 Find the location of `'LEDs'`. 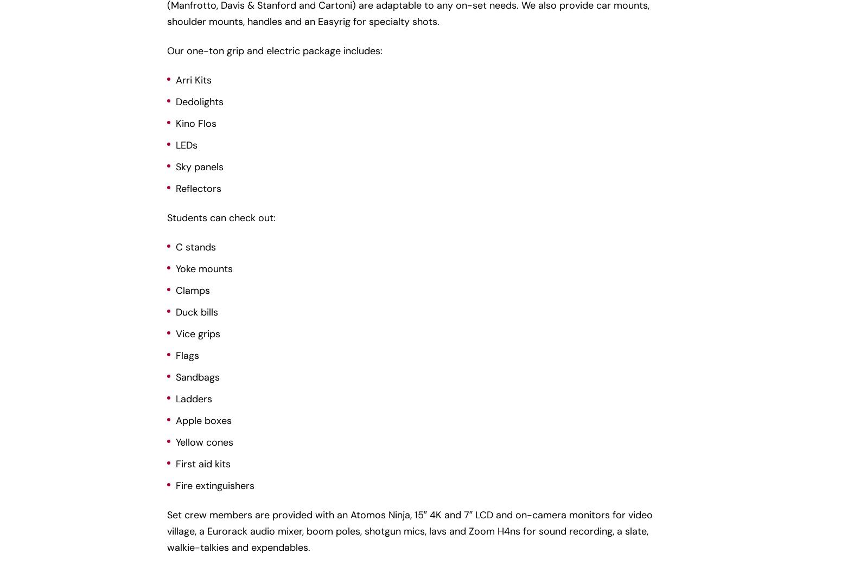

'LEDs' is located at coordinates (186, 145).